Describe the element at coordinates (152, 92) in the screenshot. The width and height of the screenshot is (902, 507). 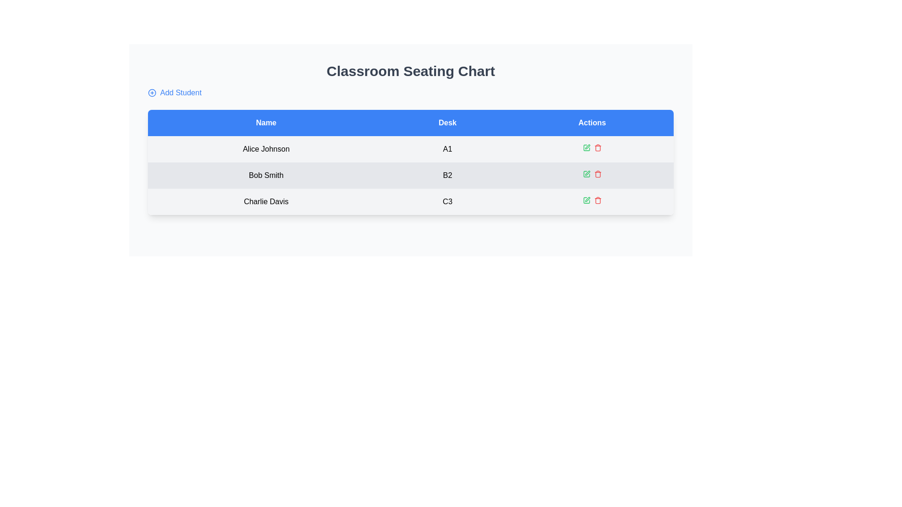
I see `the circle element that is part of an SVG graphic, which resembles a '+' symbol and is located to the left of the 'Add Student' text link` at that location.